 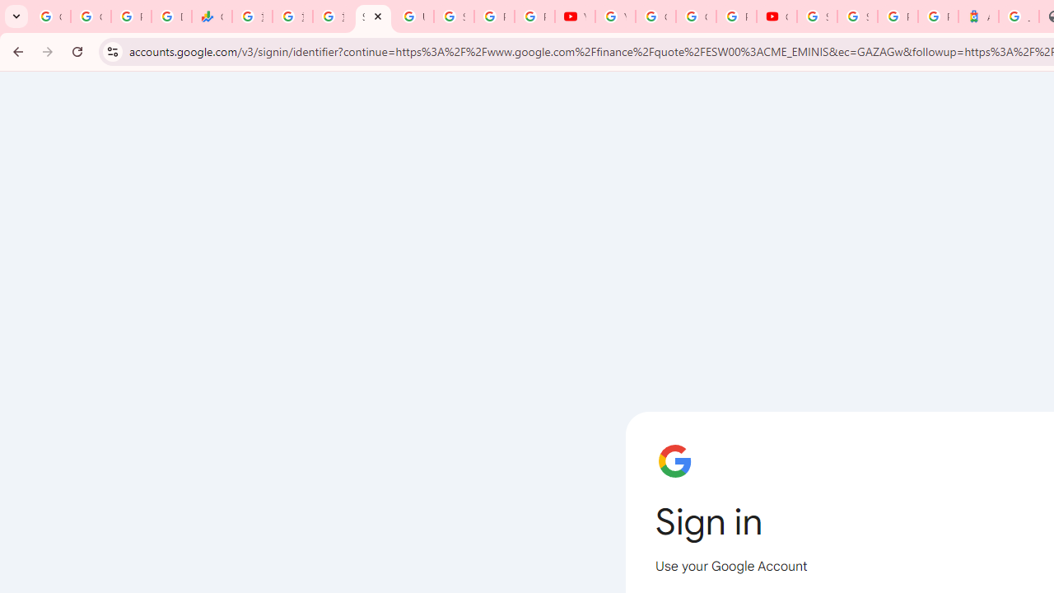 What do you see at coordinates (614, 16) in the screenshot?
I see `'YouTube'` at bounding box center [614, 16].